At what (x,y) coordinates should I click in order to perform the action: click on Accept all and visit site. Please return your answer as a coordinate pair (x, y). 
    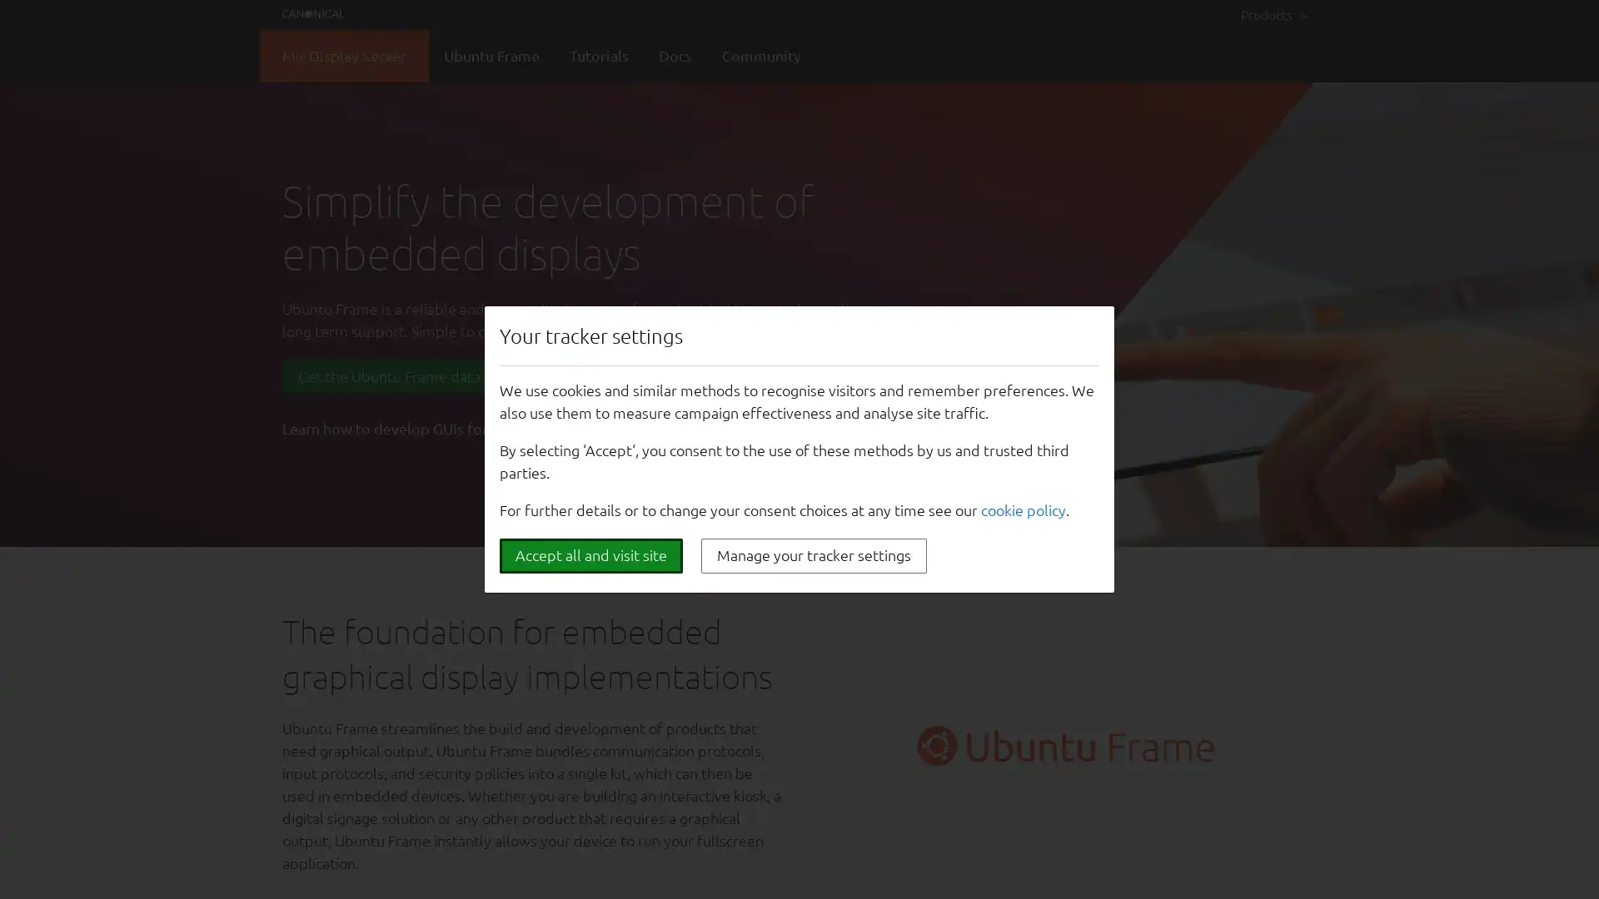
    Looking at the image, I should click on (591, 555).